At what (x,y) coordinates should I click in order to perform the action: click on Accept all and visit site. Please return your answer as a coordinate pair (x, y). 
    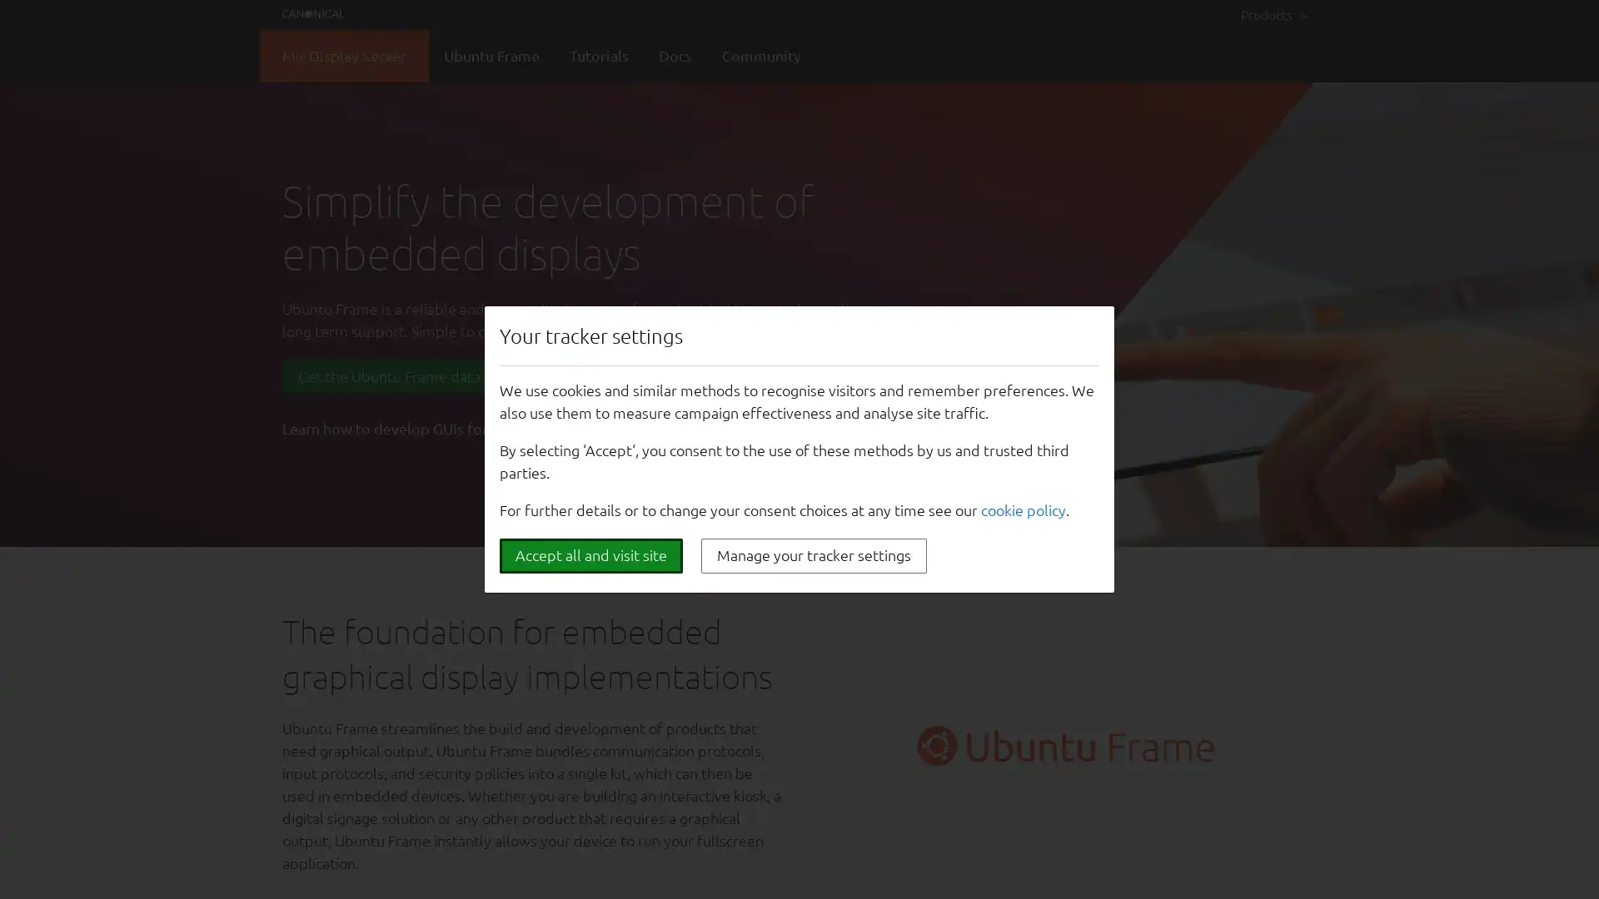
    Looking at the image, I should click on (591, 555).